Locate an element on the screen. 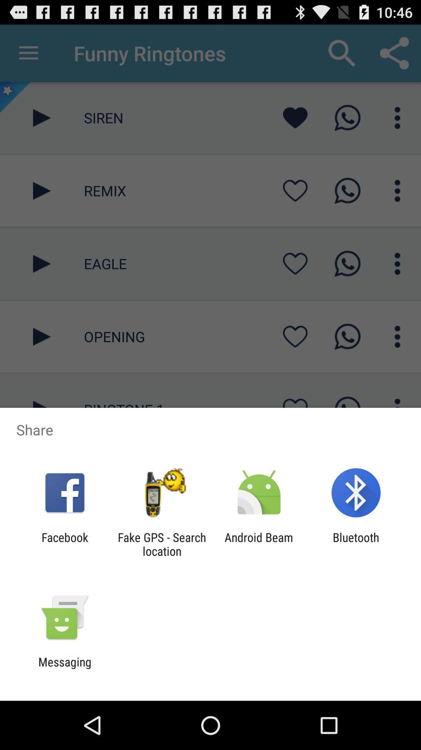 The image size is (421, 750). fake gps search item is located at coordinates (161, 544).